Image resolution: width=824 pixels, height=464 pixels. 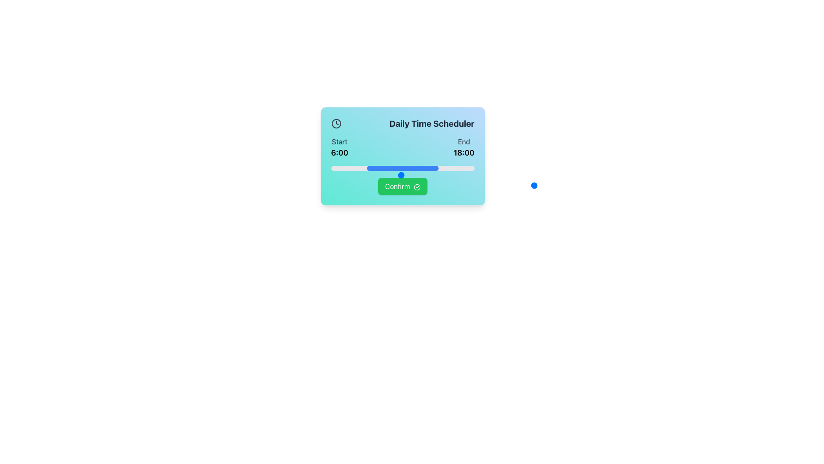 I want to click on time, so click(x=365, y=185).